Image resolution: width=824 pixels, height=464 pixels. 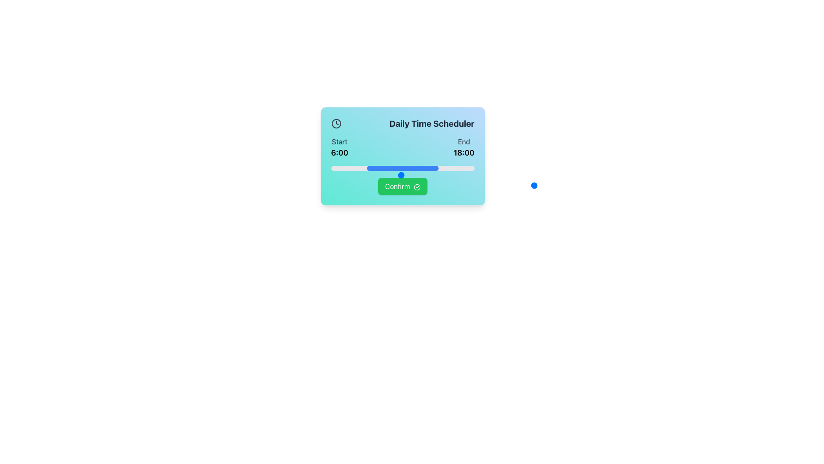 I want to click on time, so click(x=365, y=185).